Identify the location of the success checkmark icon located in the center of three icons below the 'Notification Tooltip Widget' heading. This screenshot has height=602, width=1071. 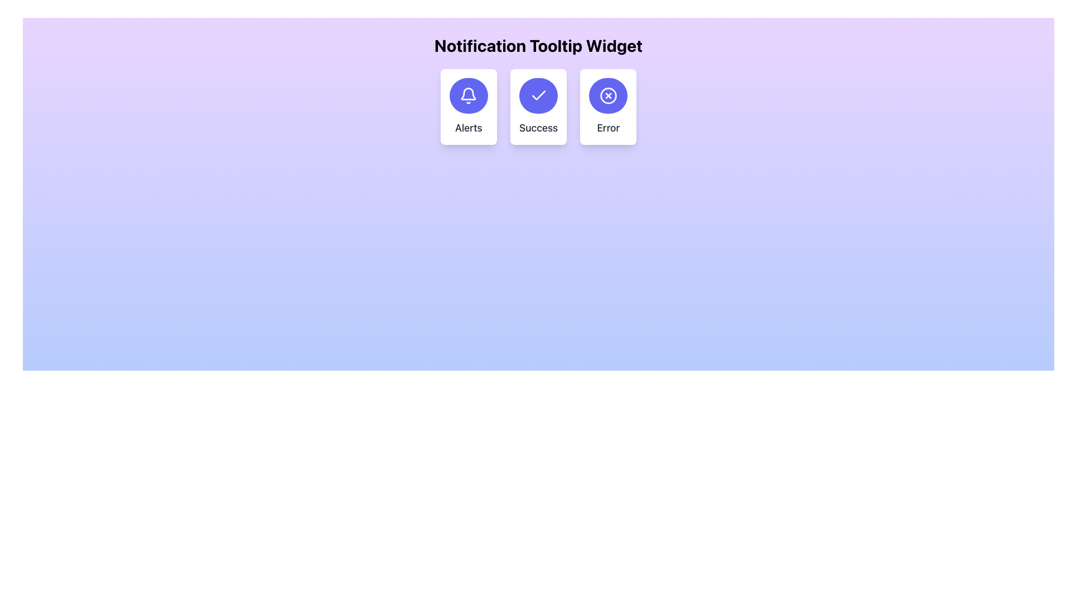
(538, 95).